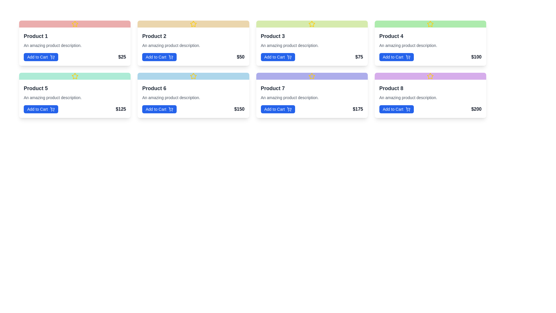 This screenshot has height=313, width=556. What do you see at coordinates (120, 109) in the screenshot?
I see `the static text displaying '$125' located at the bottom-right corner of the product card for 'Product 5', aligned right of the 'Add to Cart' button` at bounding box center [120, 109].